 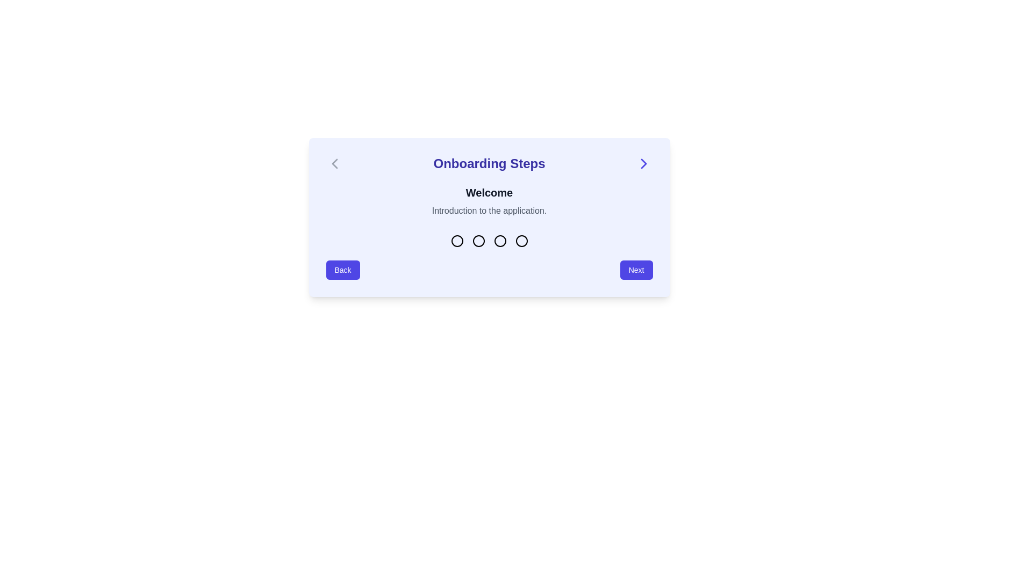 What do you see at coordinates (489, 240) in the screenshot?
I see `the step progression indicator located at the bottom-center of the 'Onboarding Steps' card` at bounding box center [489, 240].